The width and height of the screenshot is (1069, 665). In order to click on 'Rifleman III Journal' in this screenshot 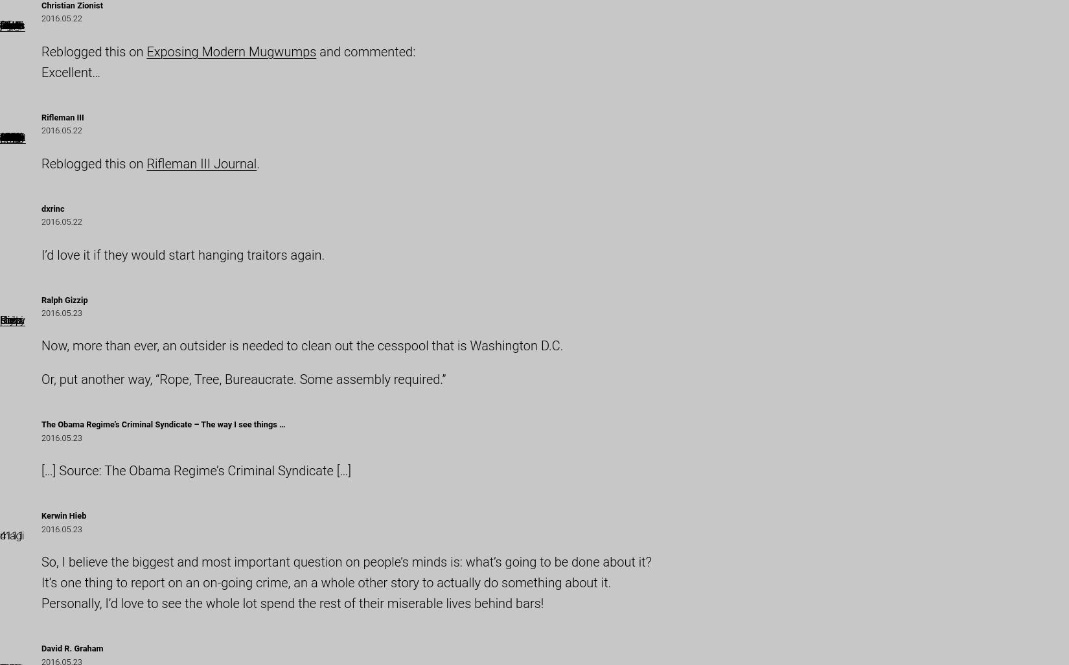, I will do `click(201, 163)`.